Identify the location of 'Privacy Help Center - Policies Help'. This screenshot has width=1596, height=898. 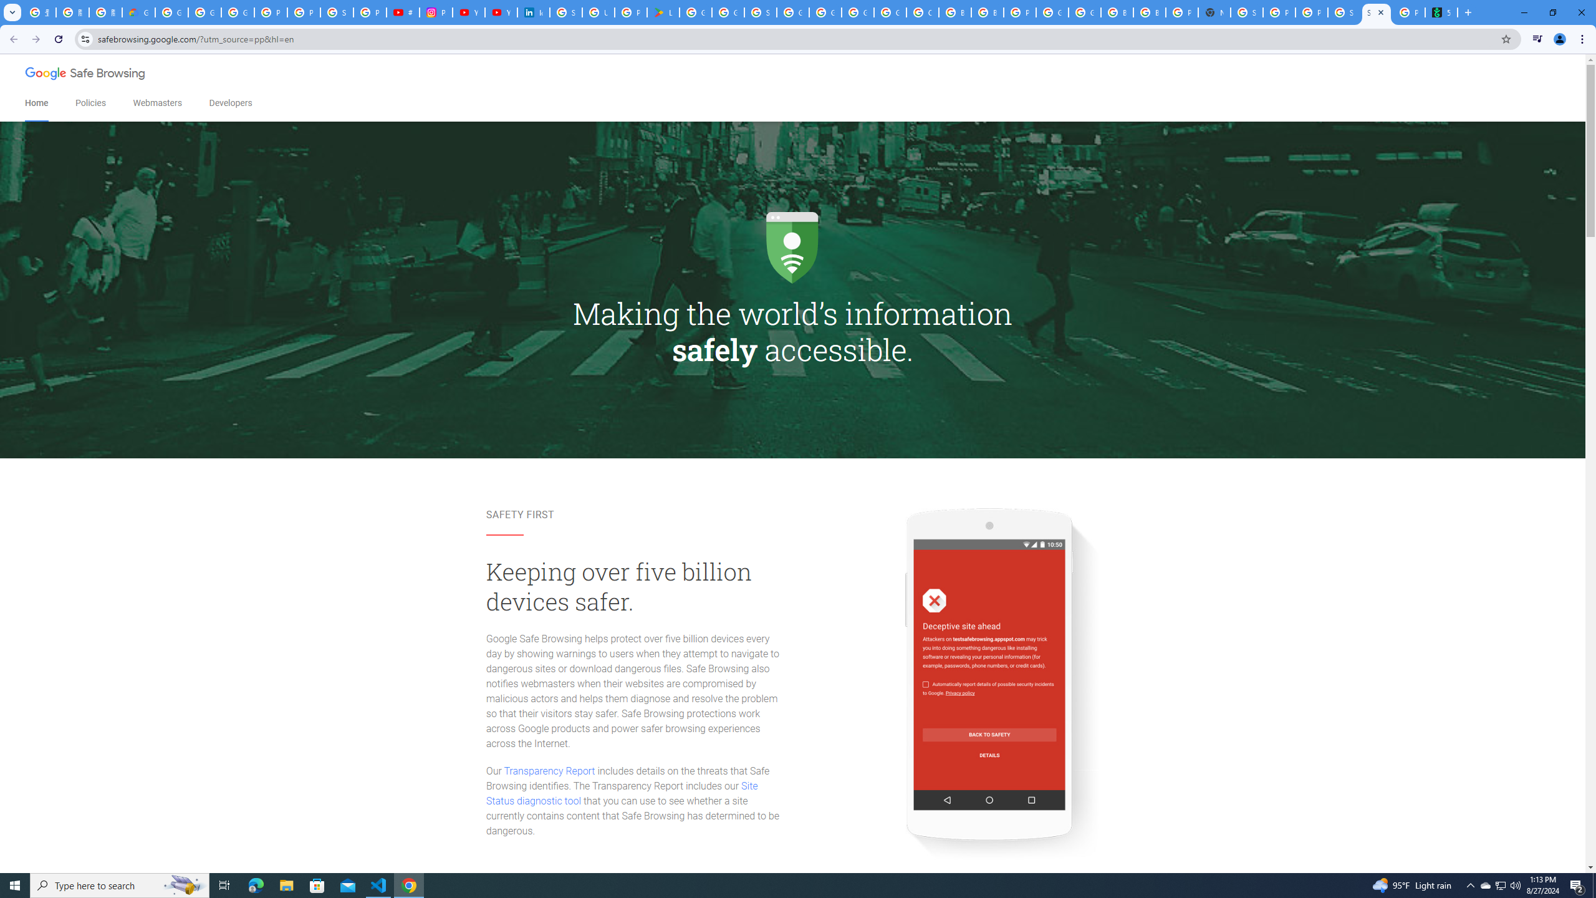
(303, 12).